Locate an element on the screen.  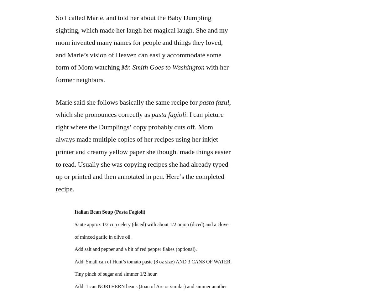
'. I can picture right where the Dumplings’ copy probably cuts off. Mom always made multiple copies of her recipes using her inkjet printer and creamy yellow paper she thought made things easier to read. Usually she was copying recipes she had already typed up or printed and then annotated in pen. Here’s the completed recipe.' is located at coordinates (143, 151).